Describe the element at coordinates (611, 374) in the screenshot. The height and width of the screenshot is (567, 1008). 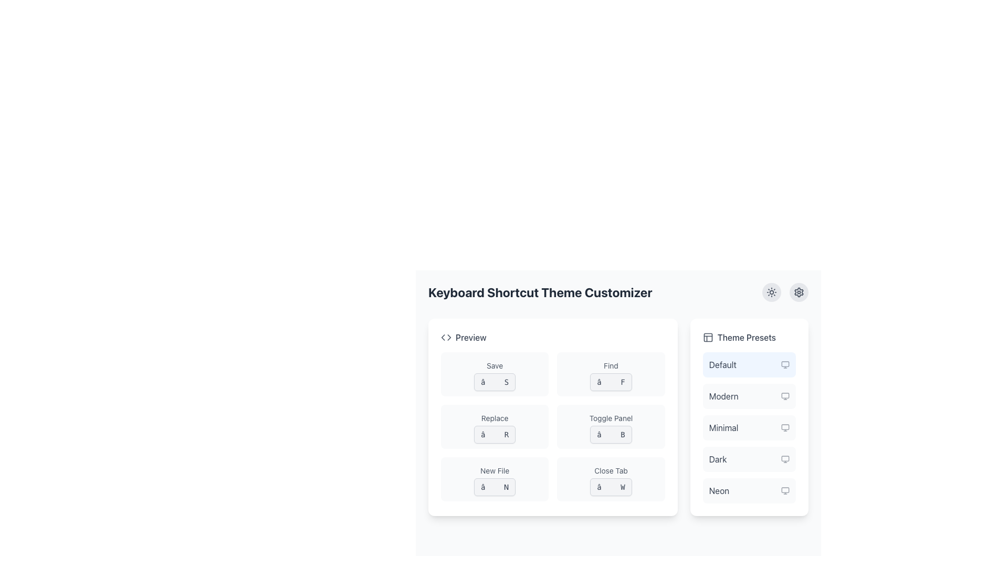
I see `the 'Find' label with the shortcut key '⌘ F', positioned in the second column of the first row in the grid layout` at that location.